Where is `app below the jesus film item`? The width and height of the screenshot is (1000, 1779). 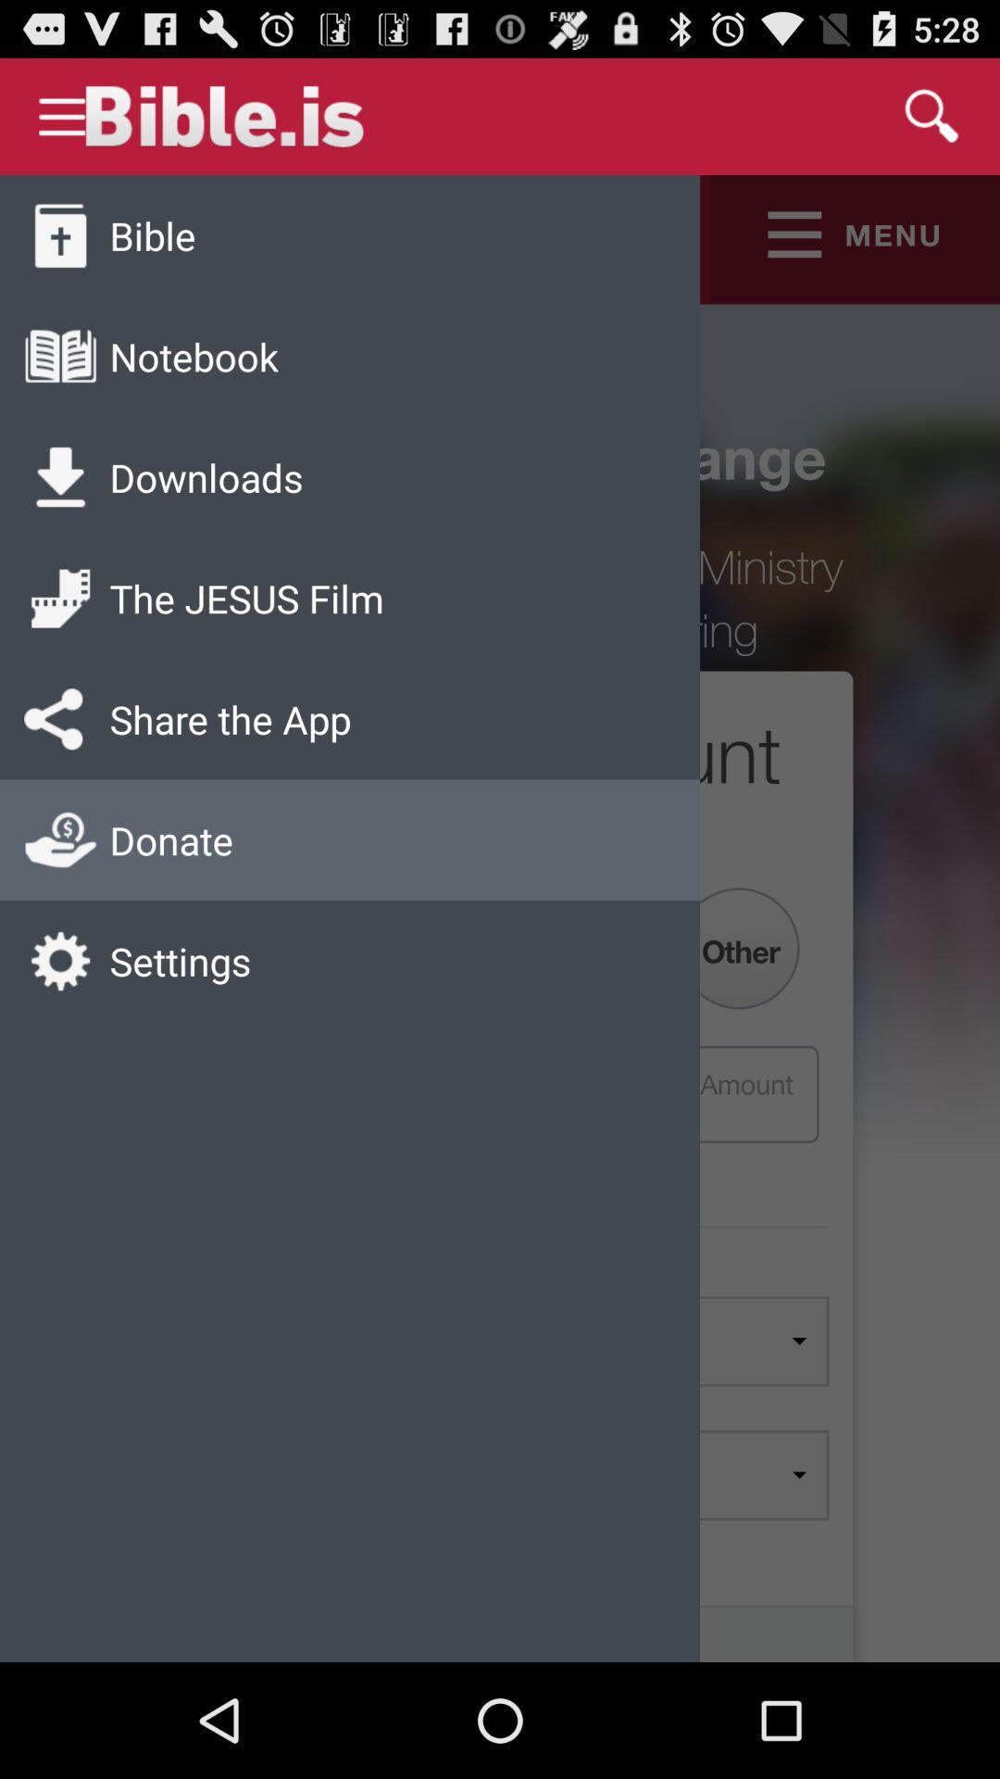 app below the jesus film item is located at coordinates (230, 718).